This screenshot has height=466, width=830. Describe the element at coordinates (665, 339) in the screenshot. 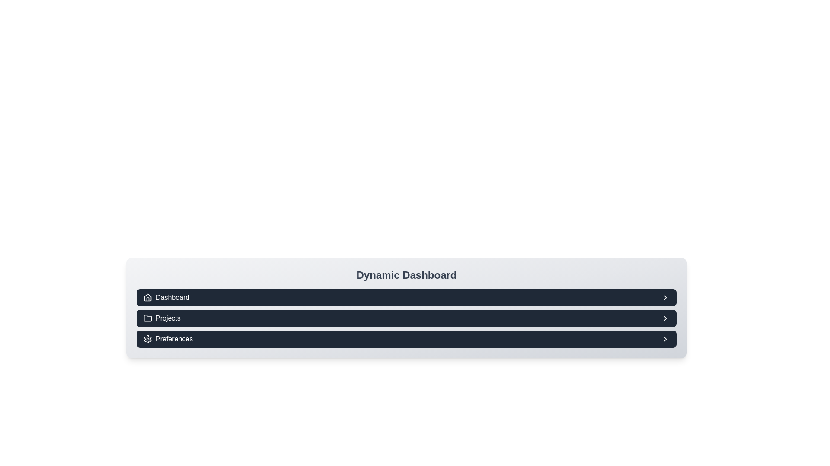

I see `the chevron icon button located at the far-right edge of the 'Preferences' section` at that location.